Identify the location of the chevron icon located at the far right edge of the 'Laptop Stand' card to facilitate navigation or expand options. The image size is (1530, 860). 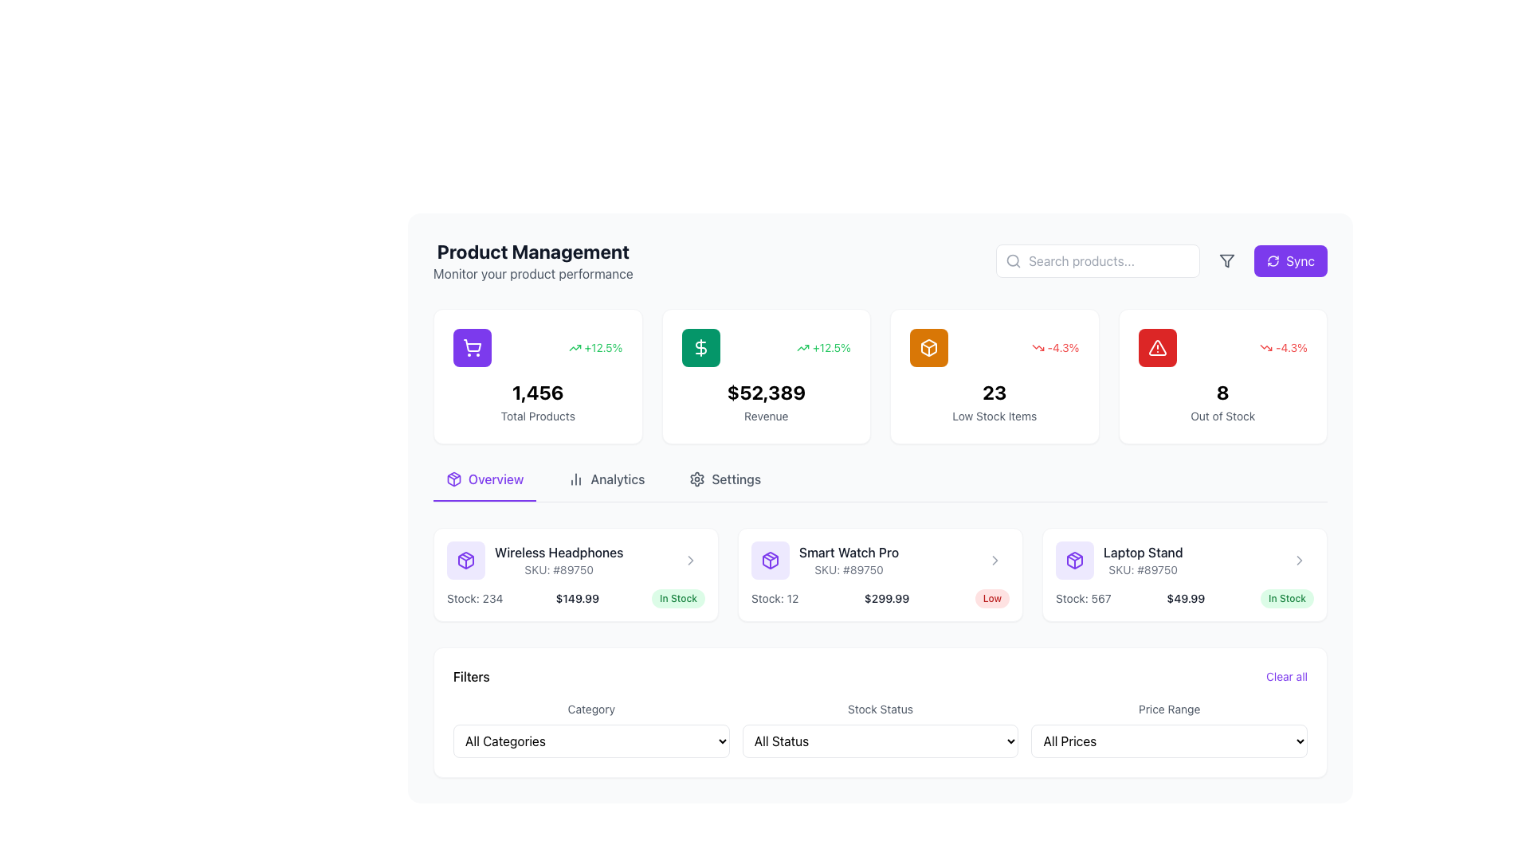
(1300, 560).